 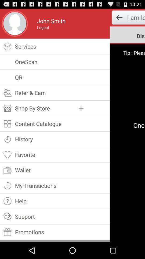 What do you see at coordinates (7, 46) in the screenshot?
I see `the symbol which is on the left side of services` at bounding box center [7, 46].